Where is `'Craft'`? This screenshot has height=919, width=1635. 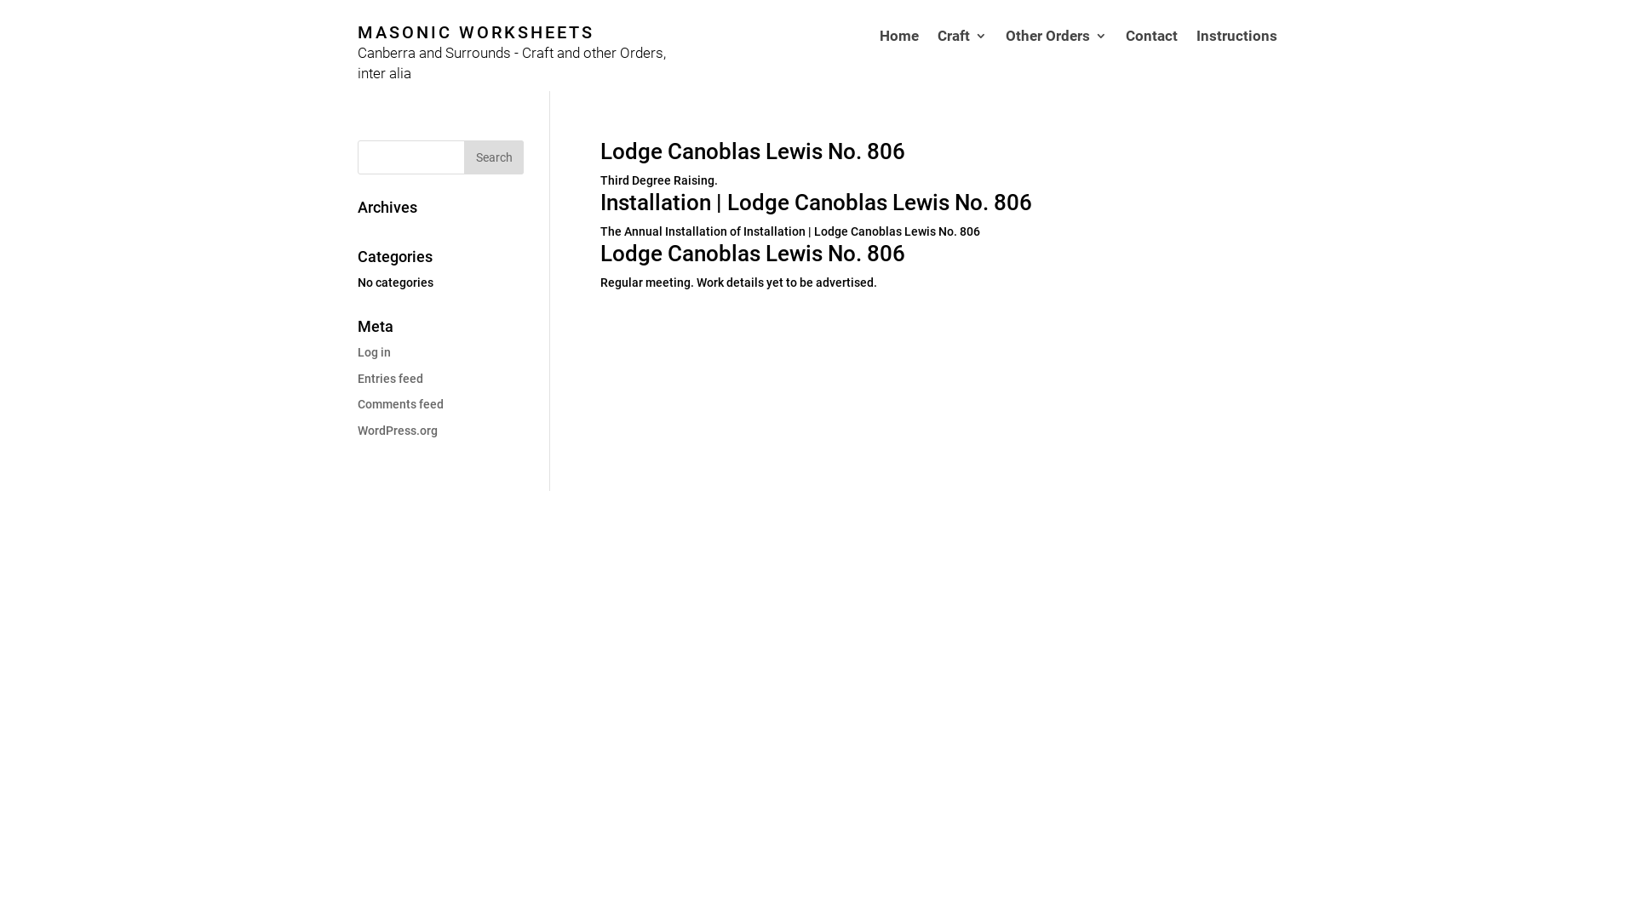 'Craft' is located at coordinates (961, 59).